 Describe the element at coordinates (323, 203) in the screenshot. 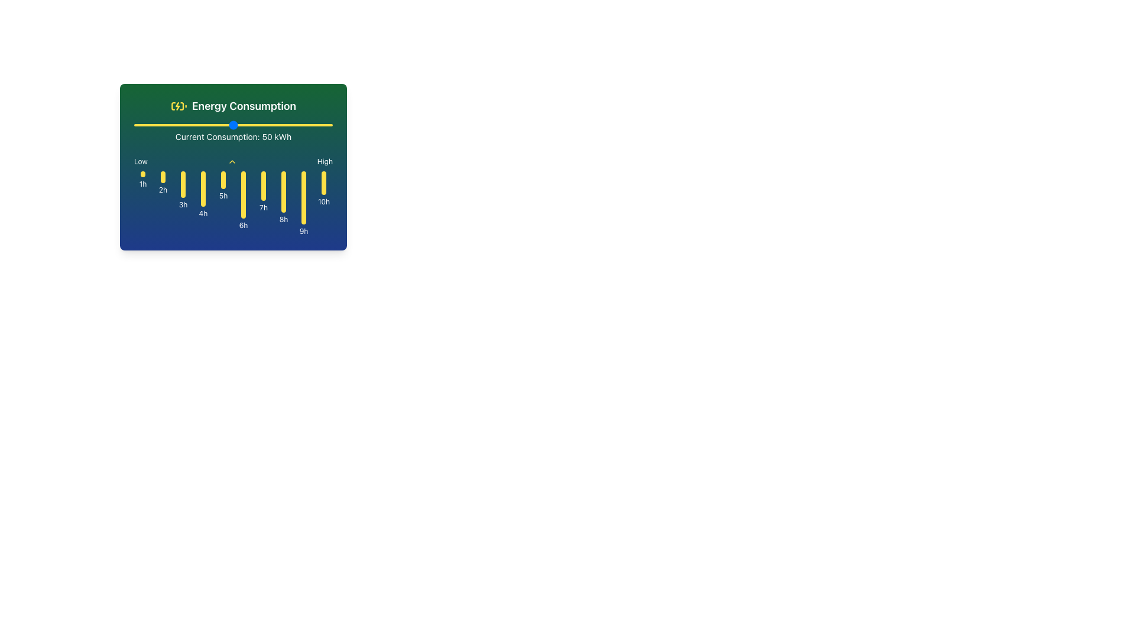

I see `the yellow vertical bar of the bar chart labeled '10h', which is the last element in a horizontal sequence, positioned below the label 'High'` at that location.